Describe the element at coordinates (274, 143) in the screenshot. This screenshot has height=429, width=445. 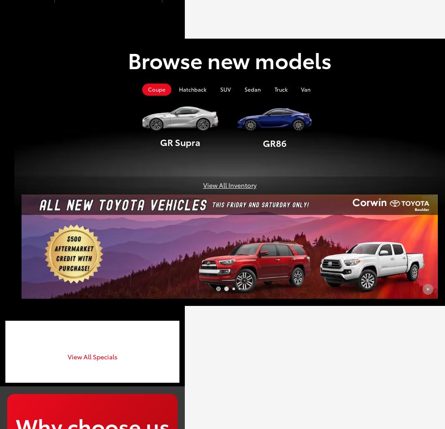
I see `'GR86'` at that location.